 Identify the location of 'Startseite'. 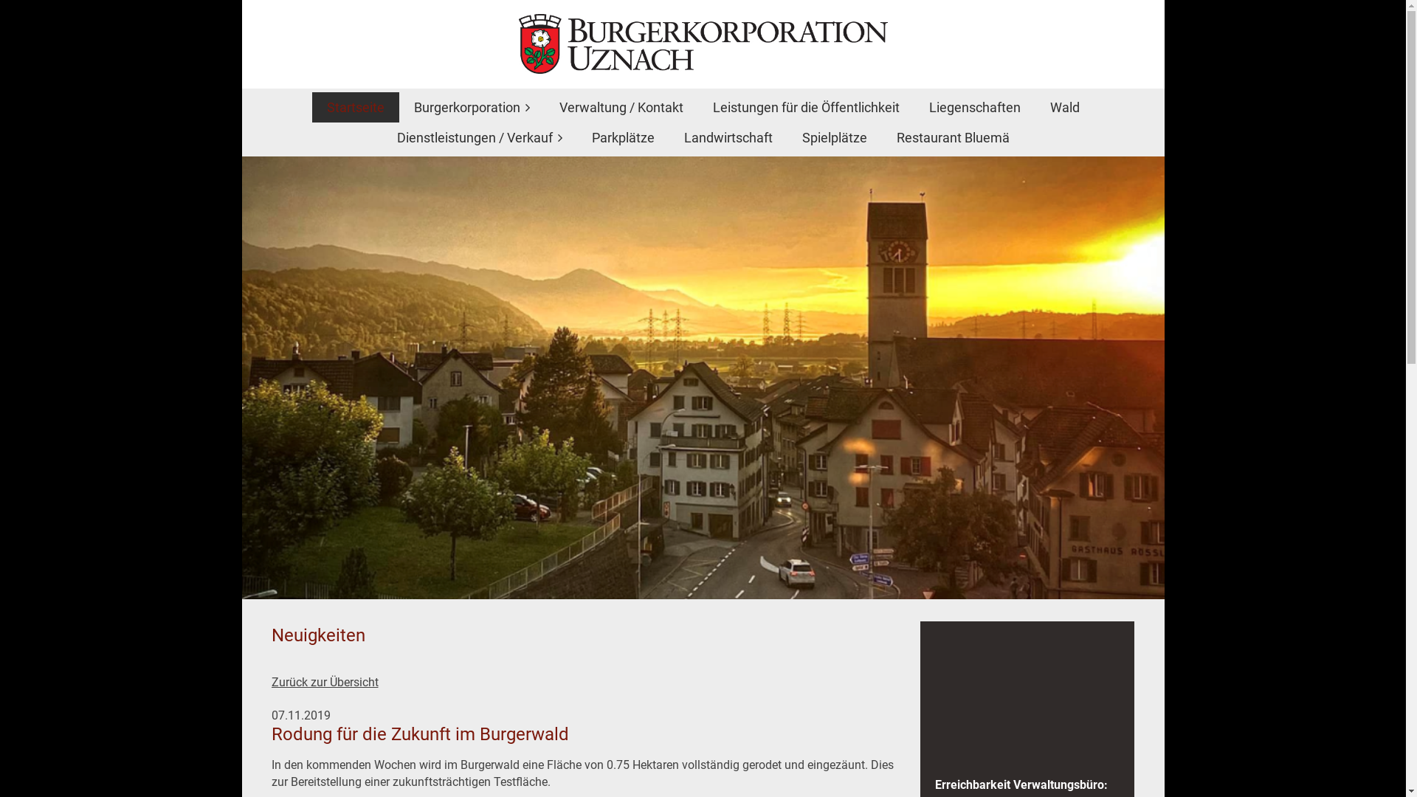
(311, 106).